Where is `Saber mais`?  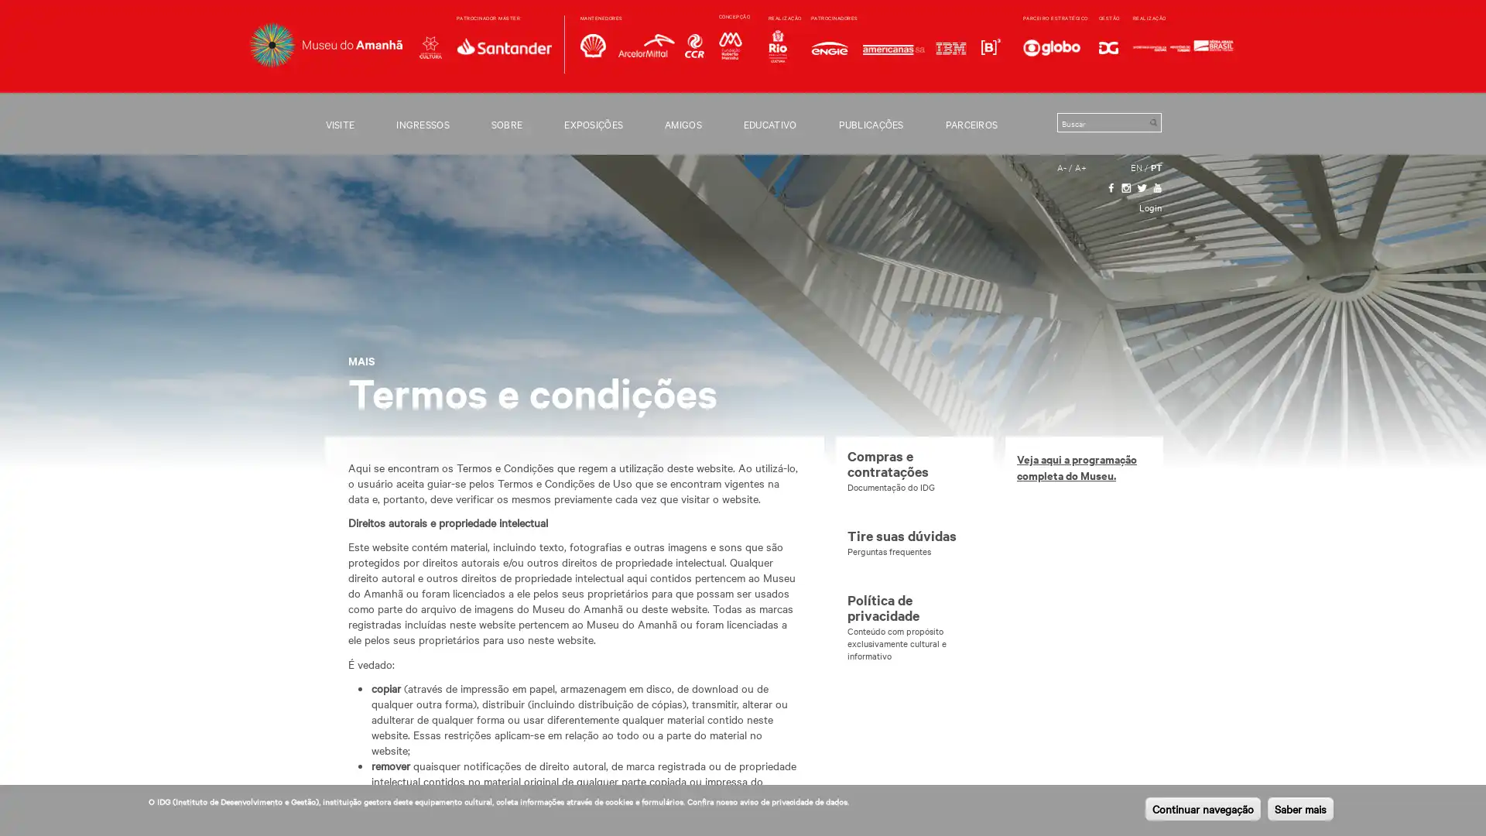 Saber mais is located at coordinates (1300, 808).